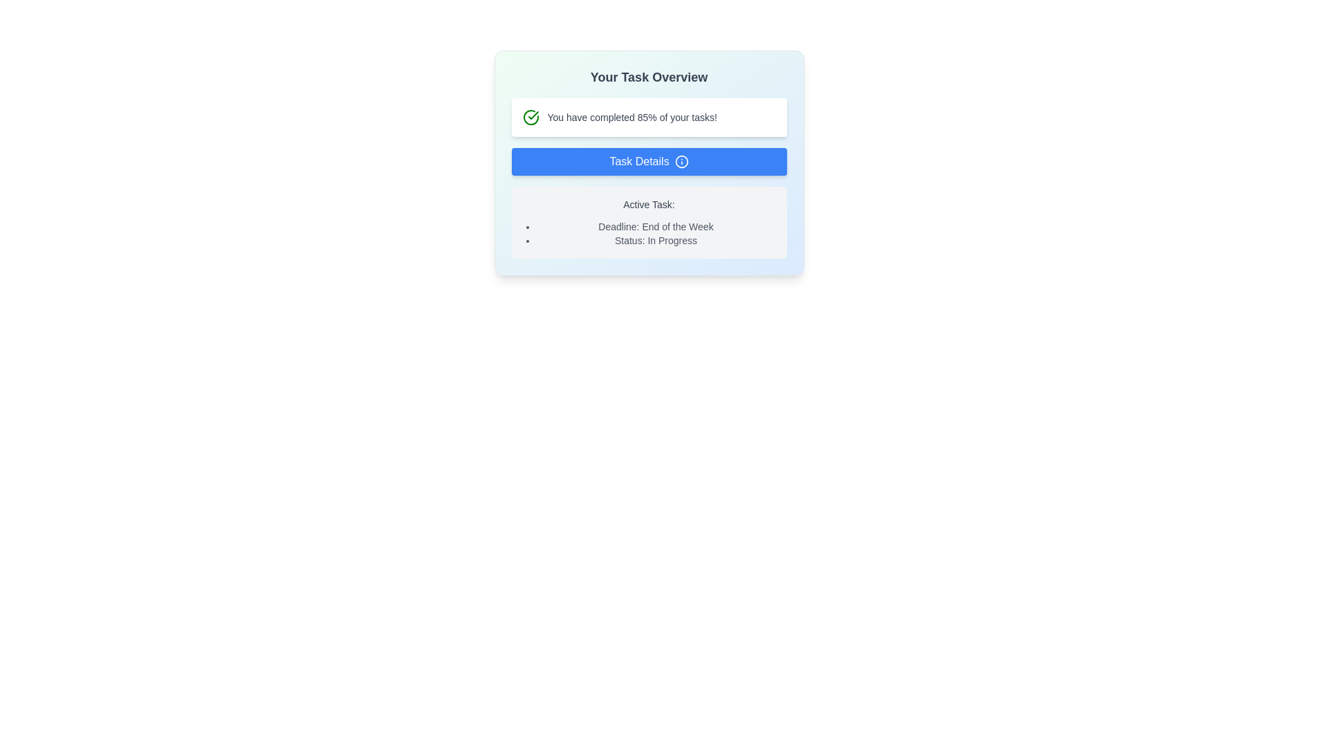 The height and width of the screenshot is (747, 1328). I want to click on task status and deadline information from the Information Overview Panel, which features a gradient background, the heading 'Your Task Overview', and a card with task details at the bottom, so click(648, 162).